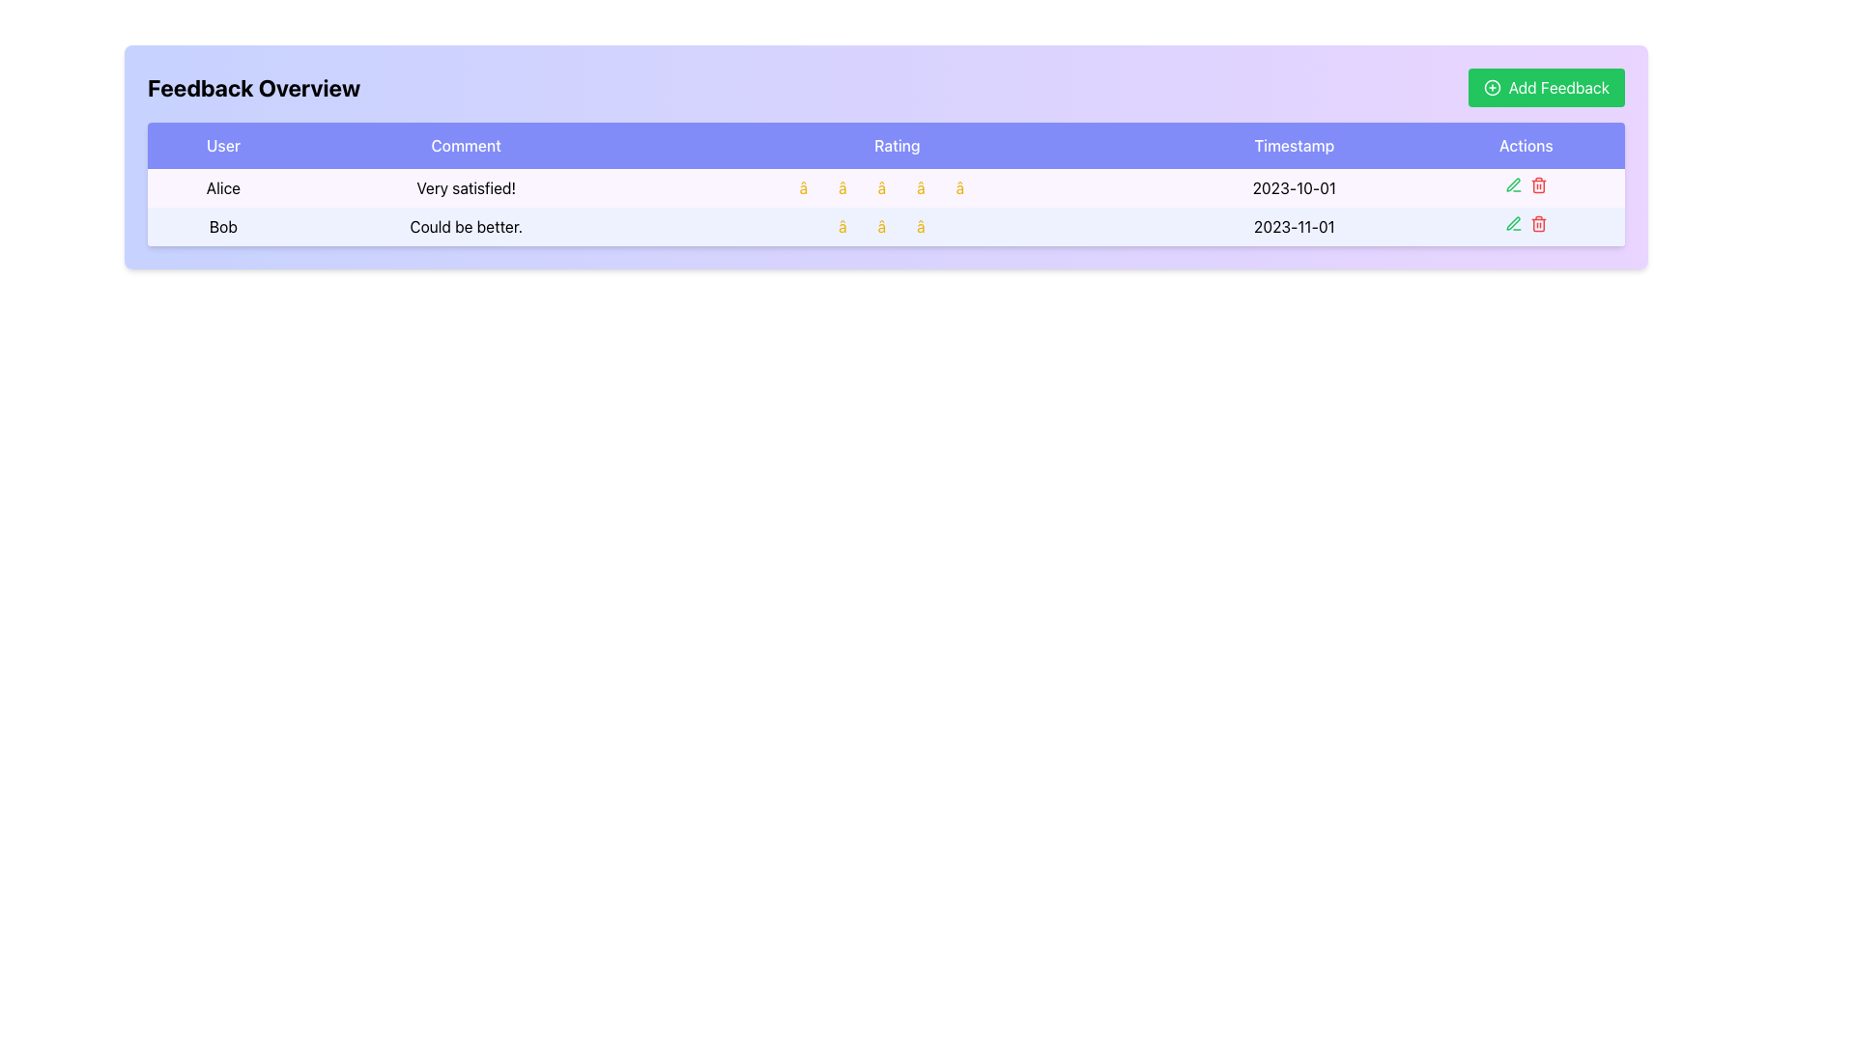  Describe the element at coordinates (885, 226) in the screenshot. I see `the individual stars in the second row of the feedback table to interact with the rating provided by the user` at that location.